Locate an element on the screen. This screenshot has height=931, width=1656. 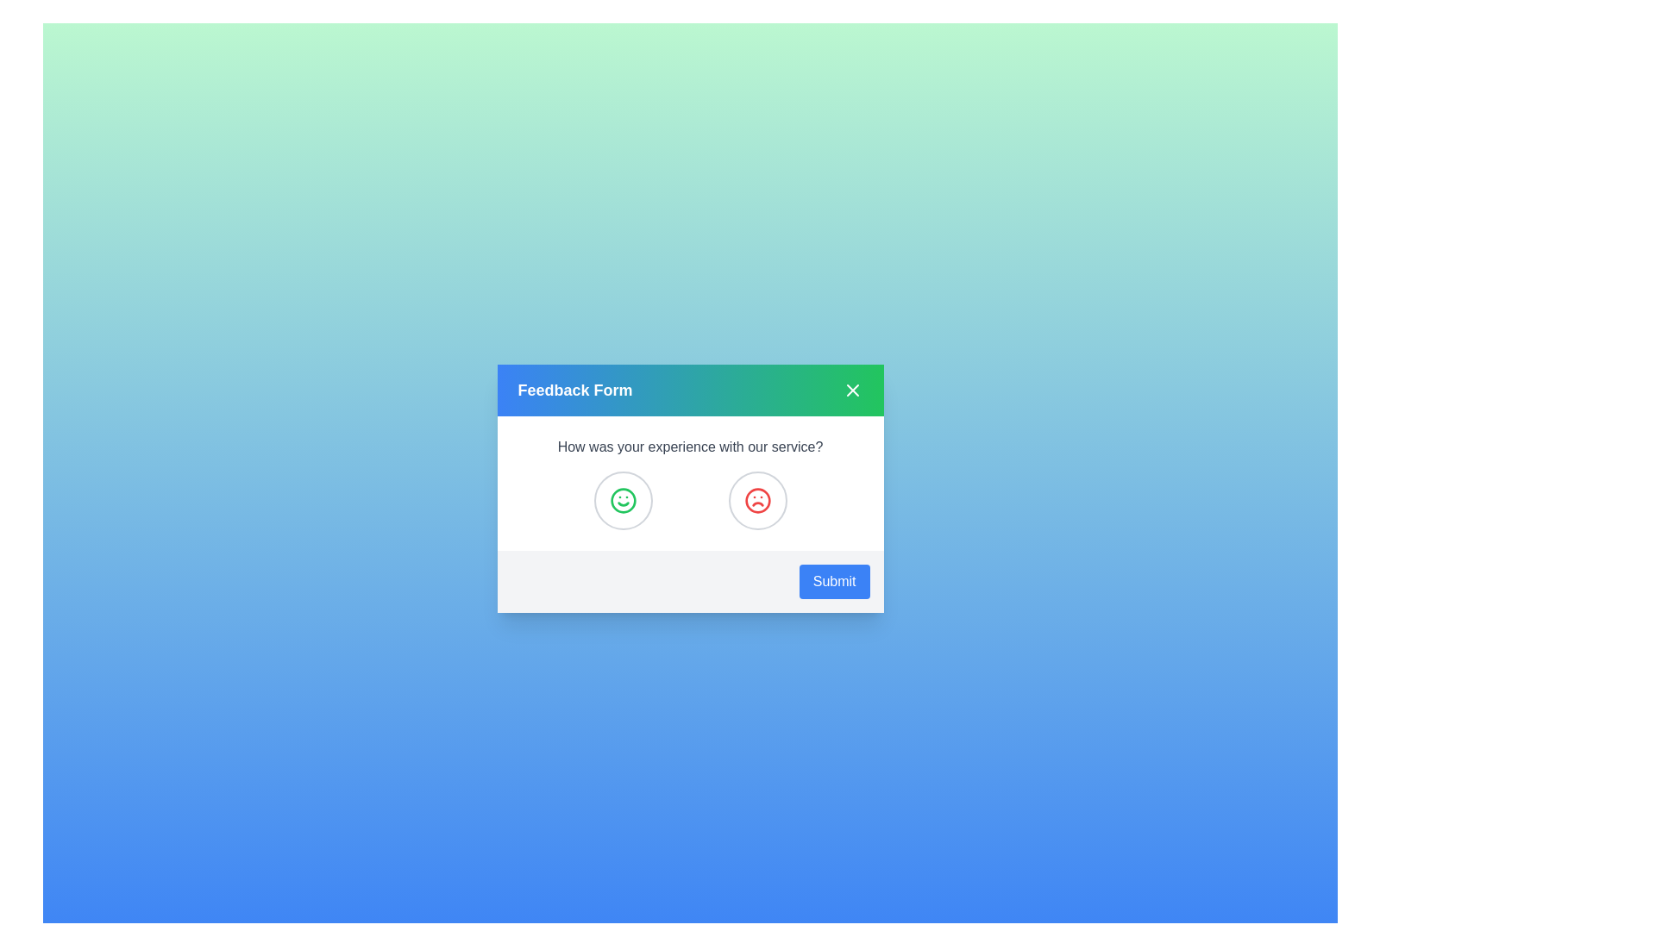
the submit button to submit the feedback is located at coordinates (834, 582).